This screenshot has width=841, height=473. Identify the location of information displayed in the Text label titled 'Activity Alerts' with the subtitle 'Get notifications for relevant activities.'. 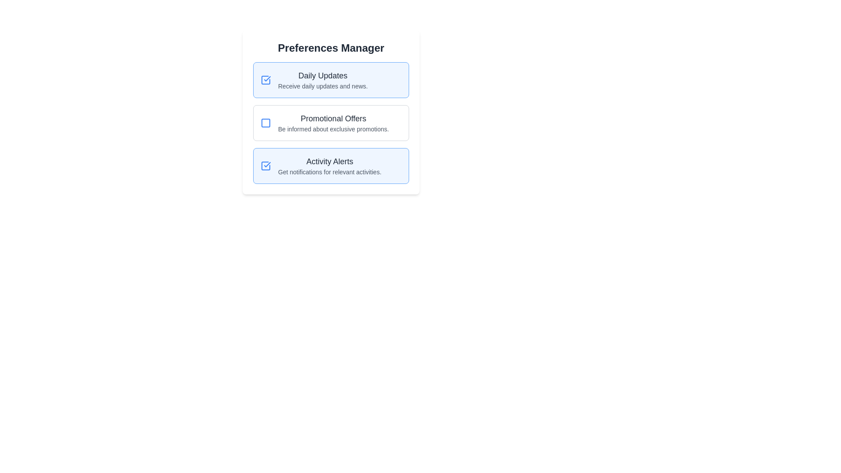
(329, 166).